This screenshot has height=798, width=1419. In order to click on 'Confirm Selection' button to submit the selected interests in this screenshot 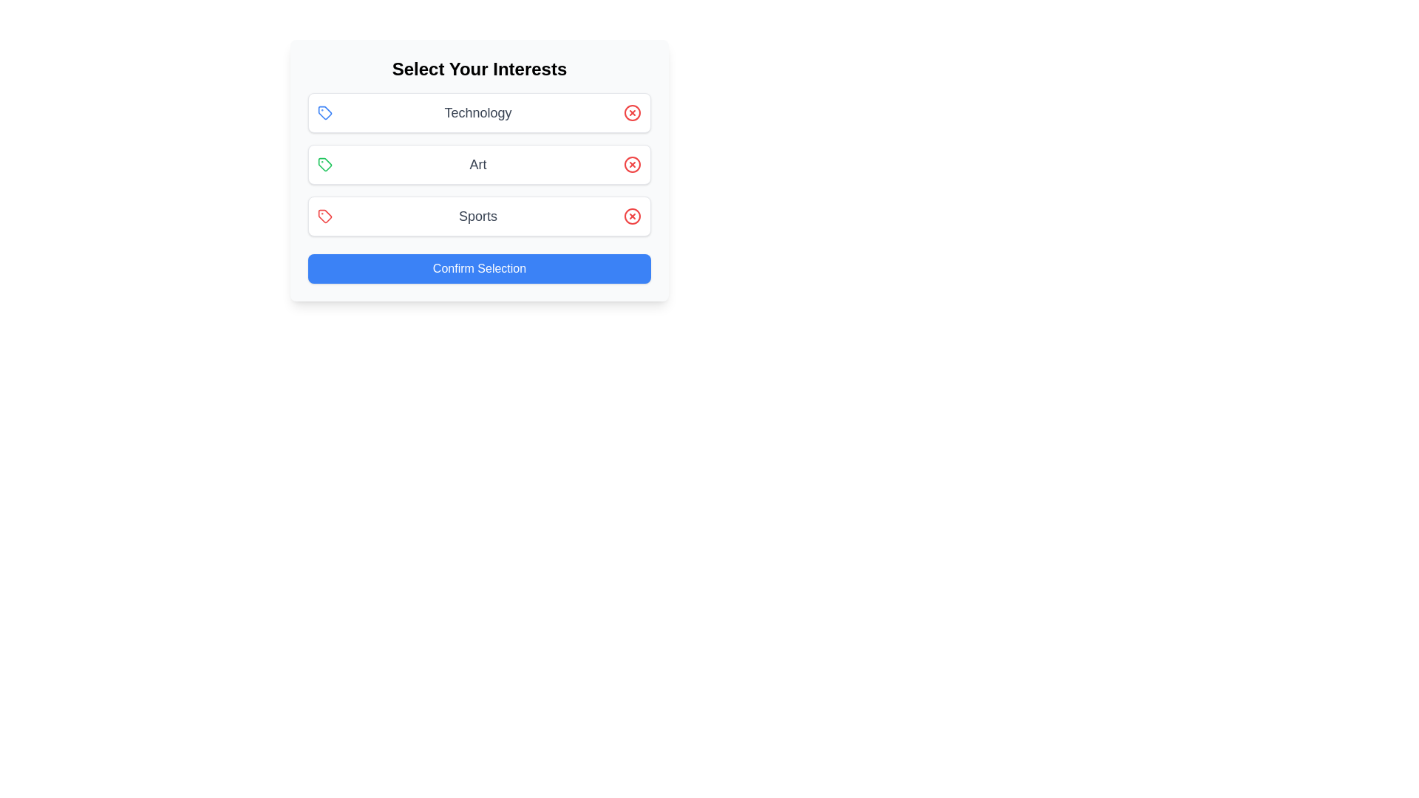, I will do `click(479, 268)`.